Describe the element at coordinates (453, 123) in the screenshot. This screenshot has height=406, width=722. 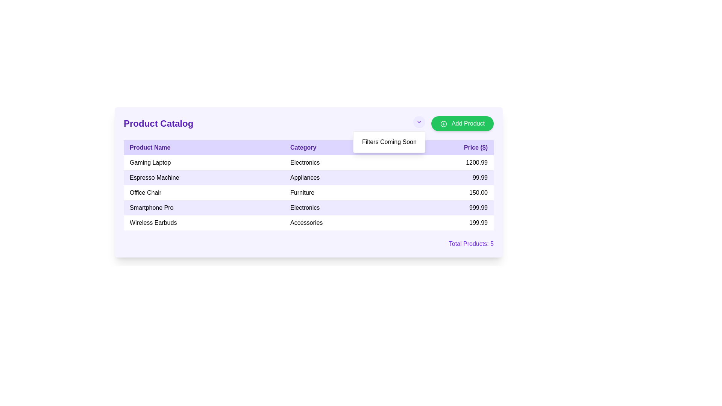
I see `the button on the right side of the top bar labeled 'Product Catalog'` at that location.